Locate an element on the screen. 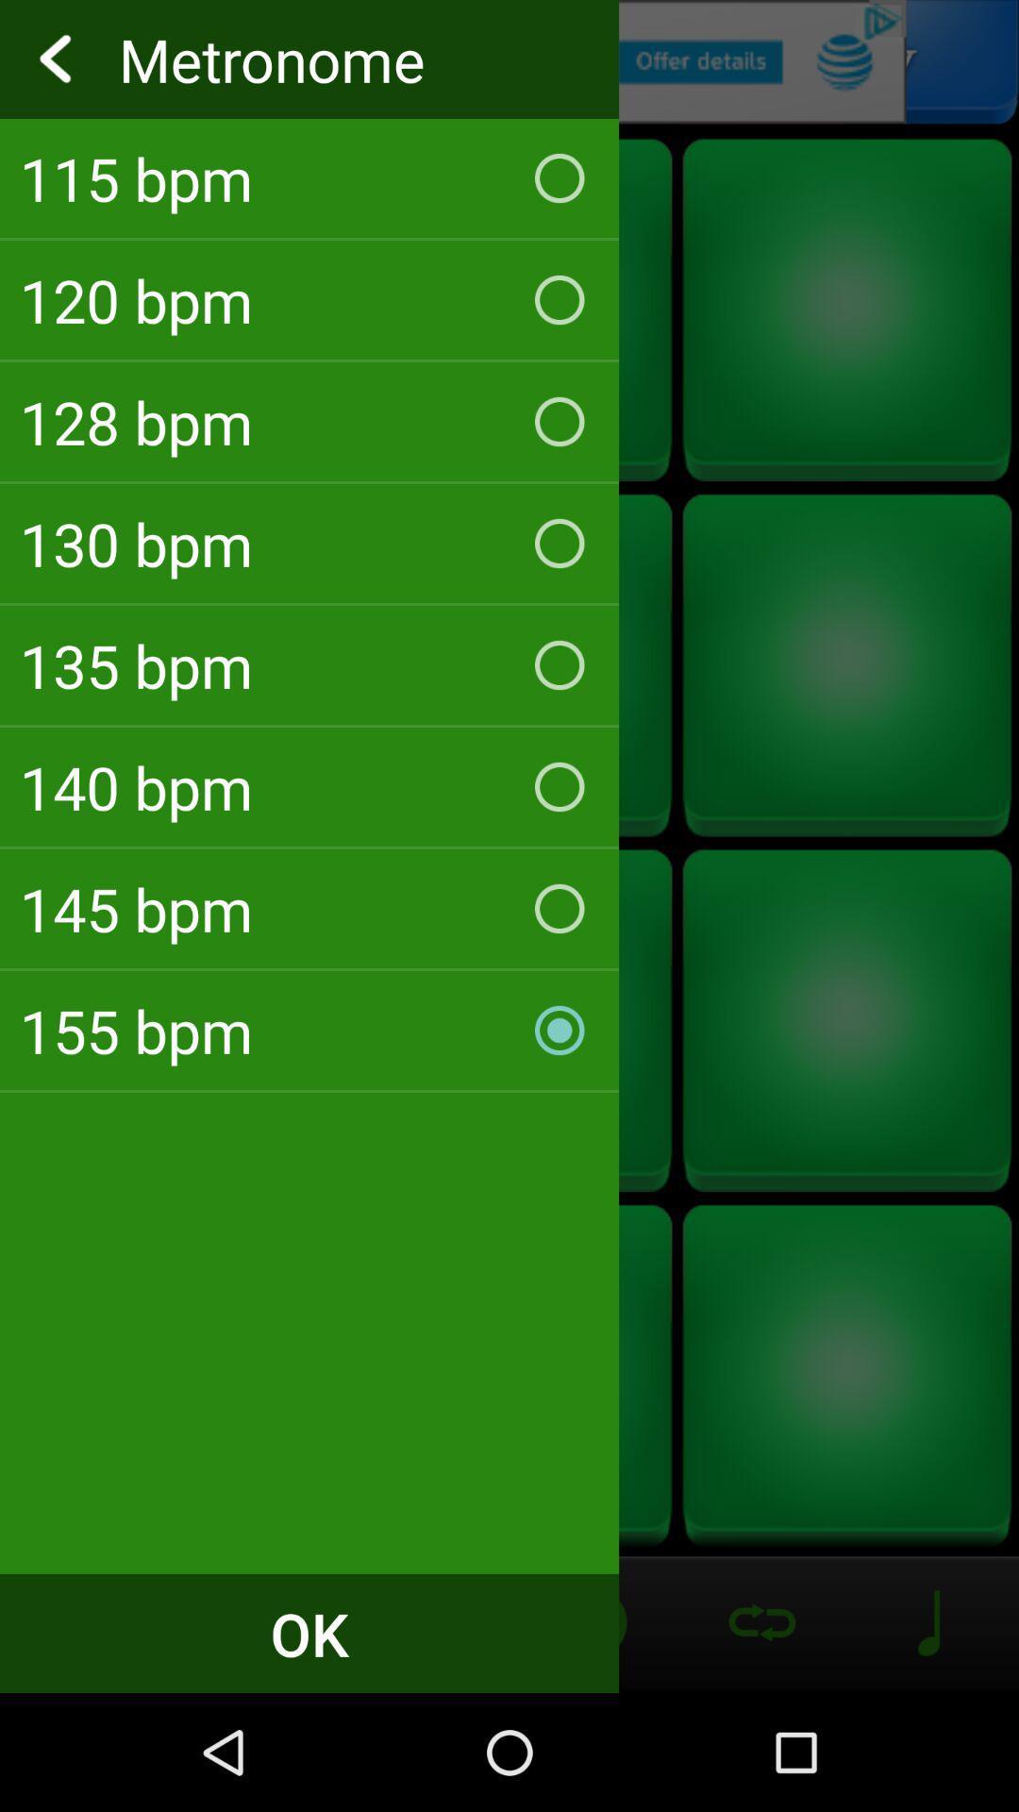 The height and width of the screenshot is (1812, 1019). the 135 bpm is located at coordinates (309, 665).